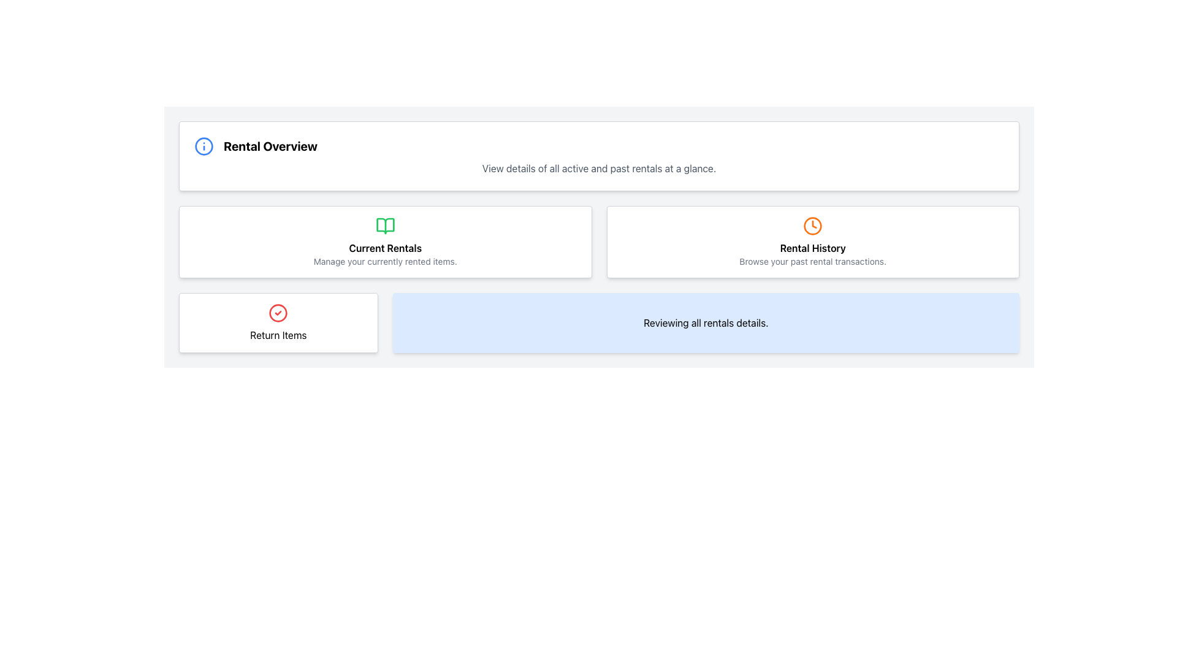 Image resolution: width=1177 pixels, height=662 pixels. Describe the element at coordinates (384, 242) in the screenshot. I see `the navigation card that provides information about currently rented items, which is the second card in the grid layout, positioned left of 'Rental History' and above 'Return Items'` at that location.